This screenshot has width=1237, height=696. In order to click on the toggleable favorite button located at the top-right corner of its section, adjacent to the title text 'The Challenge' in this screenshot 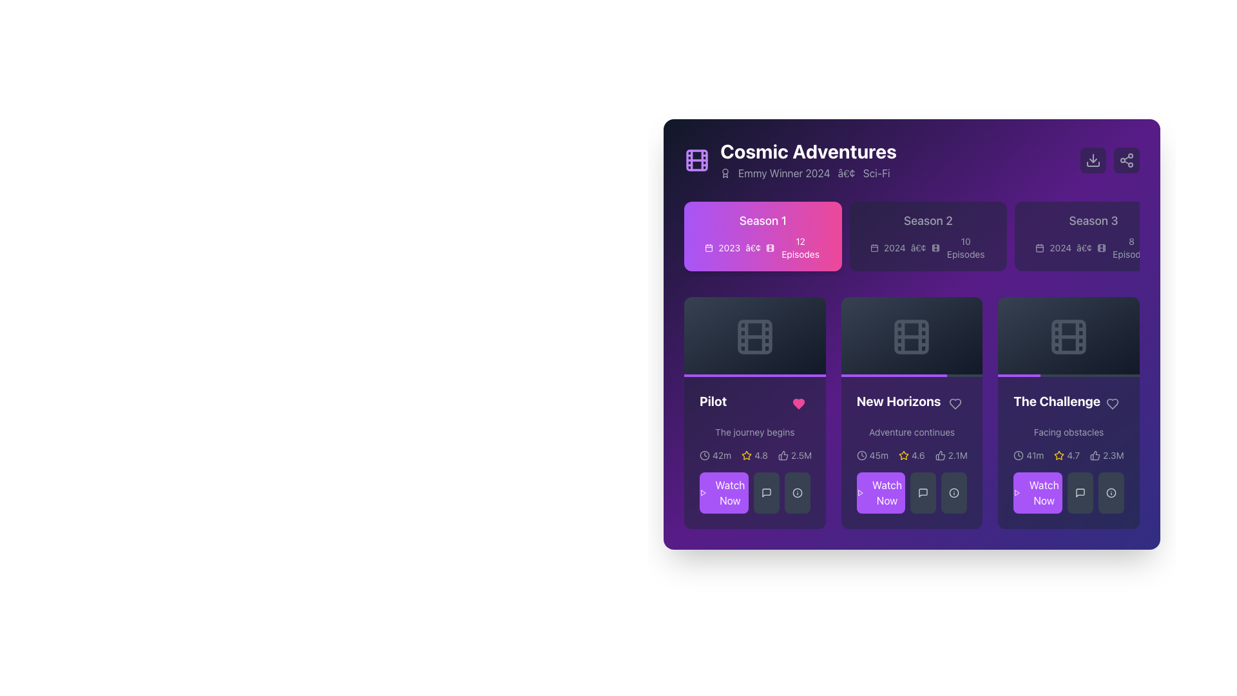, I will do `click(1112, 402)`.